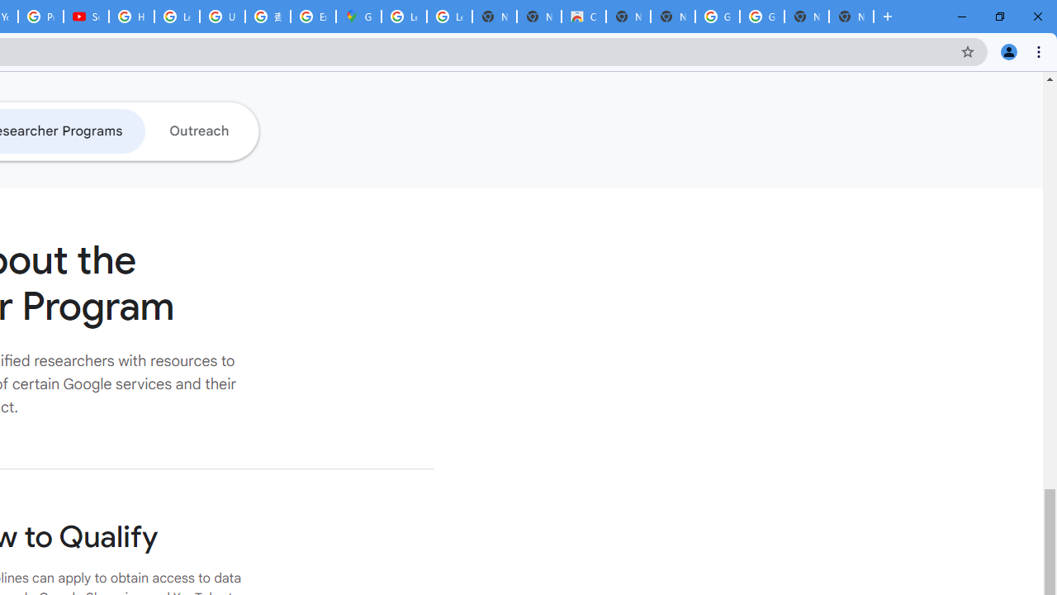 Image resolution: width=1057 pixels, height=595 pixels. Describe the element at coordinates (718, 17) in the screenshot. I see `'Google Images'` at that location.